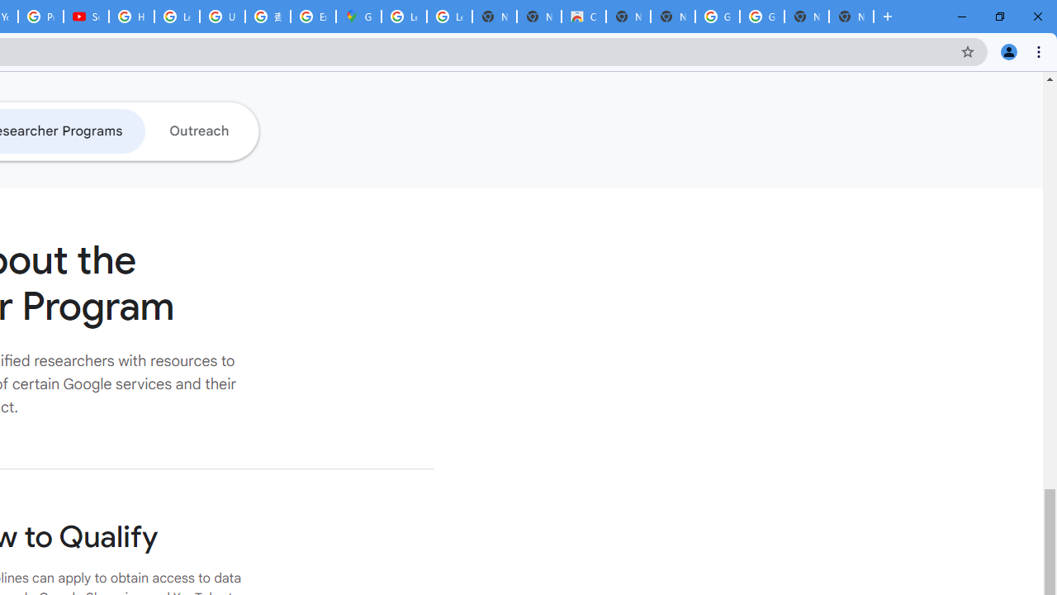 Image resolution: width=1057 pixels, height=595 pixels. Describe the element at coordinates (718, 17) in the screenshot. I see `'Google Images'` at that location.